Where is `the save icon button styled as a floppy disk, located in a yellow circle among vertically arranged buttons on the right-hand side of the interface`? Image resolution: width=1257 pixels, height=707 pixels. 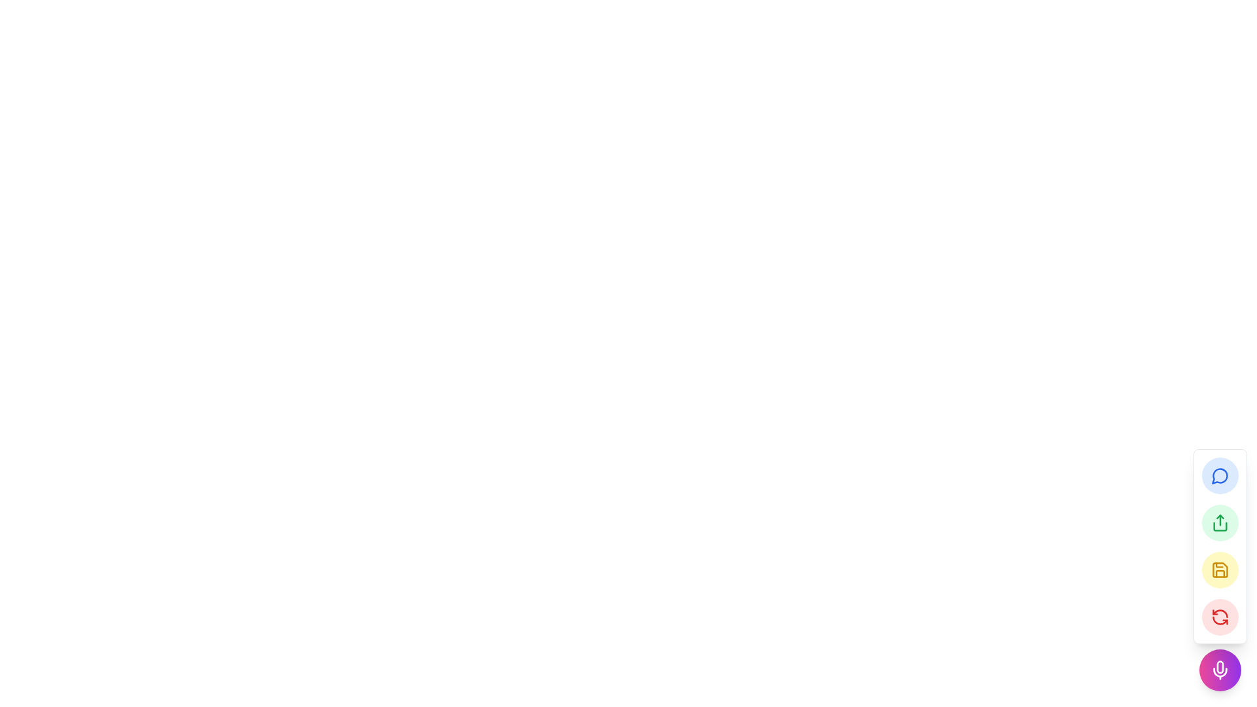
the save icon button styled as a floppy disk, located in a yellow circle among vertically arranged buttons on the right-hand side of the interface is located at coordinates (1219, 570).